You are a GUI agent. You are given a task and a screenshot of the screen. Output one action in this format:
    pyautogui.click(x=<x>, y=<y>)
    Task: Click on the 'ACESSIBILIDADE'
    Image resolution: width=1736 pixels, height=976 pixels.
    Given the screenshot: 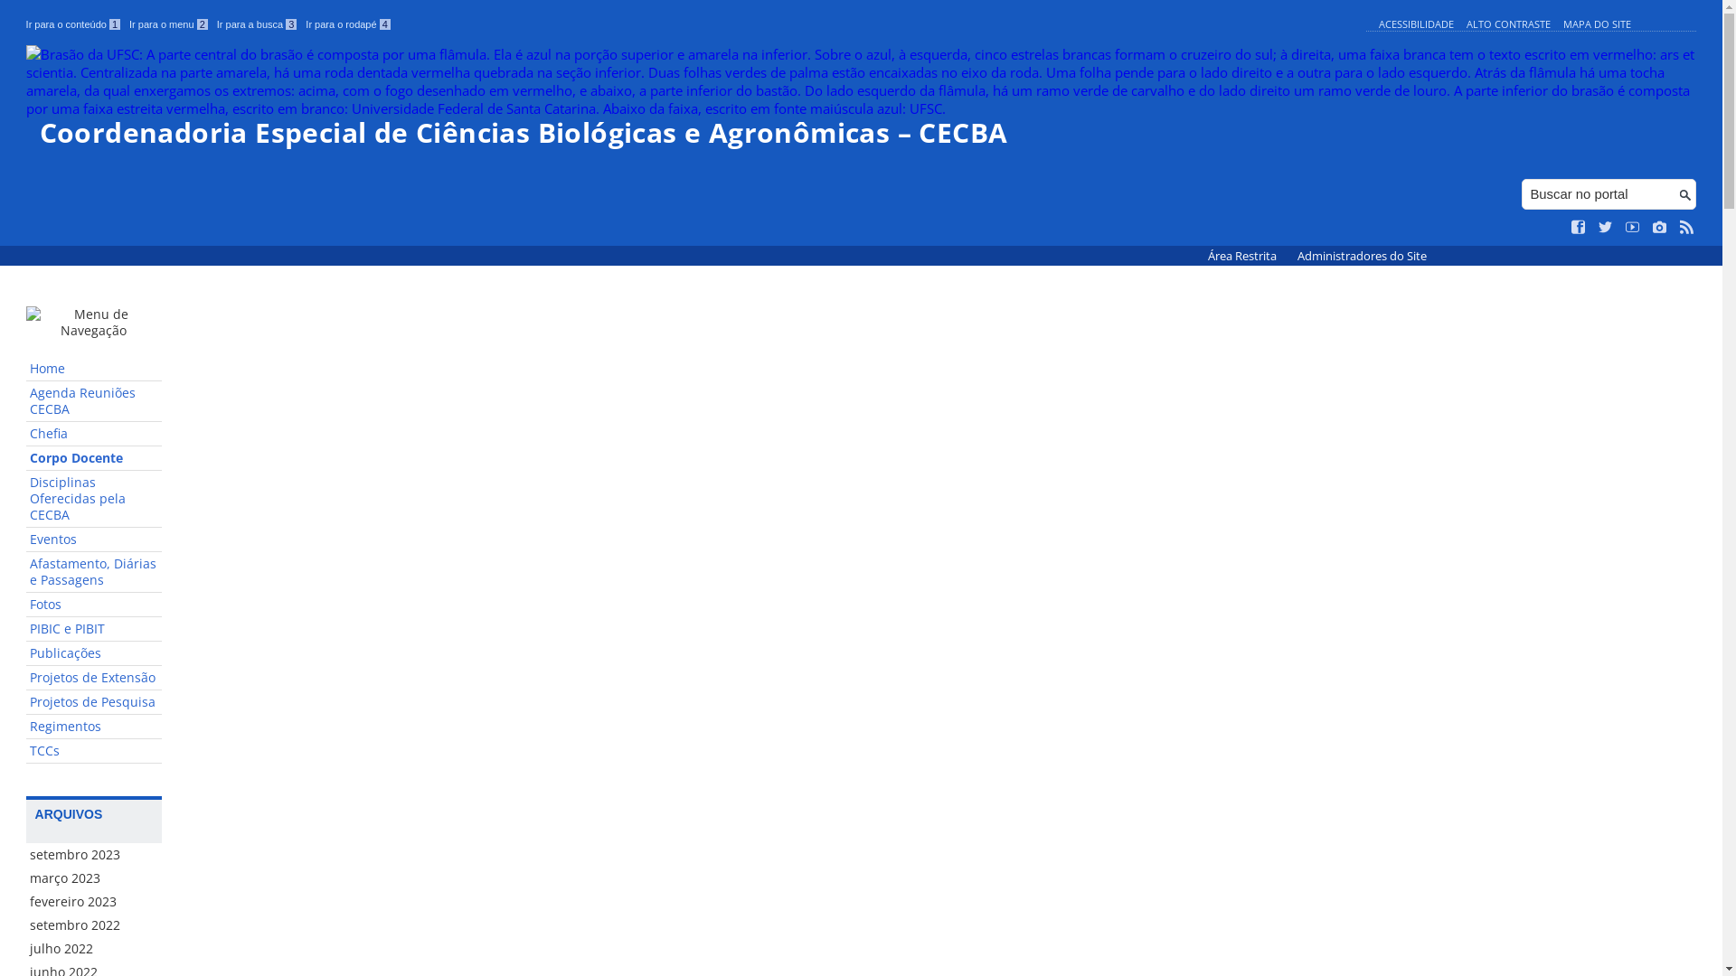 What is the action you would take?
    pyautogui.click(x=1415, y=23)
    